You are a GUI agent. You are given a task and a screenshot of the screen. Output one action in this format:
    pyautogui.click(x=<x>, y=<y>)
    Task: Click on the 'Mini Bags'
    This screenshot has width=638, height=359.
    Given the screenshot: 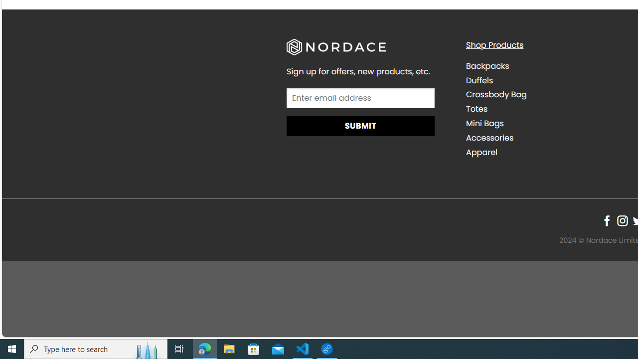 What is the action you would take?
    pyautogui.click(x=547, y=123)
    